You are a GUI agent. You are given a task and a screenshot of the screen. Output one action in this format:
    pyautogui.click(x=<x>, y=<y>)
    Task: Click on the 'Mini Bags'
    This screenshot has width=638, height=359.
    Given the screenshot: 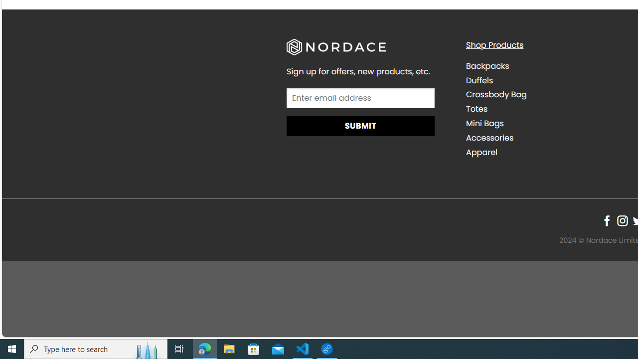 What is the action you would take?
    pyautogui.click(x=547, y=123)
    